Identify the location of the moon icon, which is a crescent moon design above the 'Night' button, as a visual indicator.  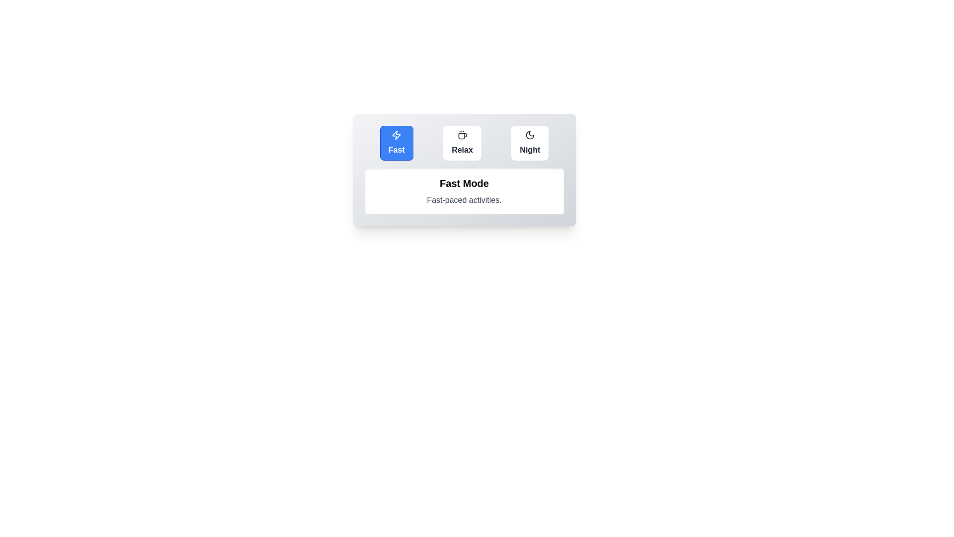
(529, 135).